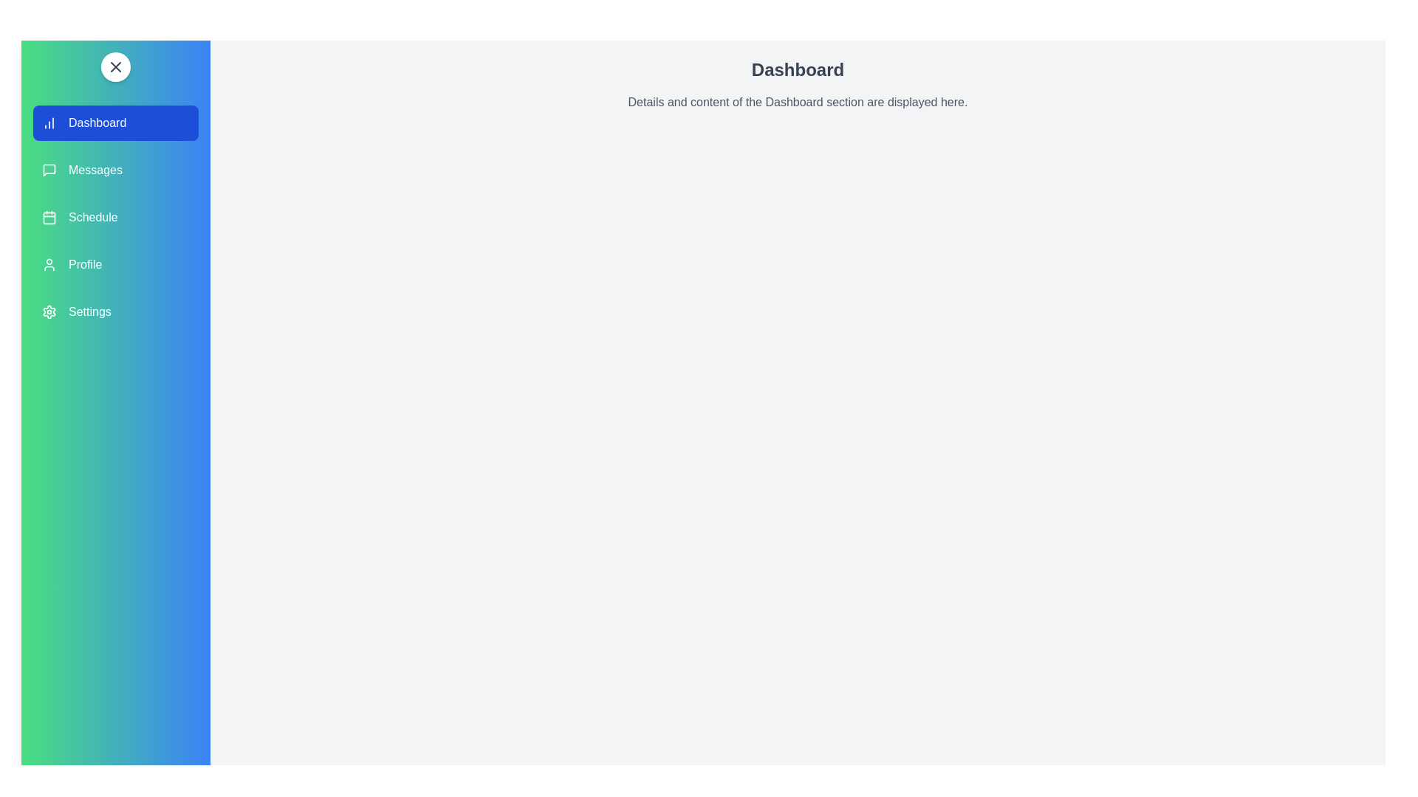  What do you see at coordinates (115, 263) in the screenshot?
I see `the navigation section Profile by clicking on its corresponding area` at bounding box center [115, 263].